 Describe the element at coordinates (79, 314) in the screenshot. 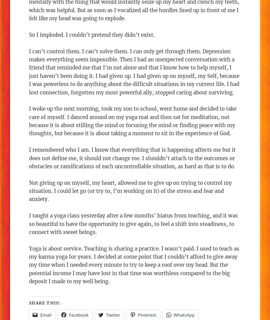

I see `'Facebook'` at that location.